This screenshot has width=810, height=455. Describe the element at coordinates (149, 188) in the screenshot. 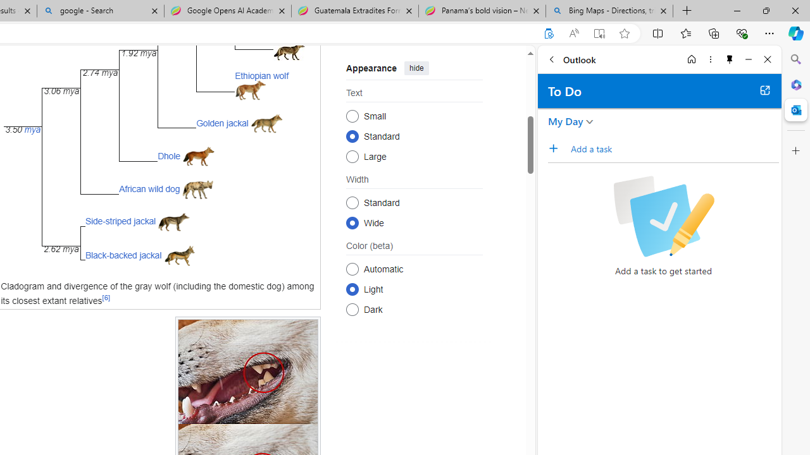

I see `'African wild dog'` at that location.